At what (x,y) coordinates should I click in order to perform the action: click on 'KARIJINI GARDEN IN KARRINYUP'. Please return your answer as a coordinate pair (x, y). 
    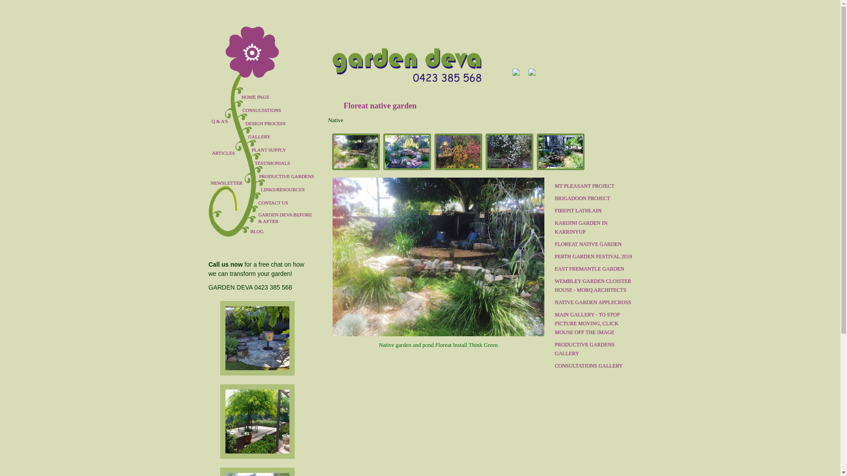
    Looking at the image, I should click on (593, 227).